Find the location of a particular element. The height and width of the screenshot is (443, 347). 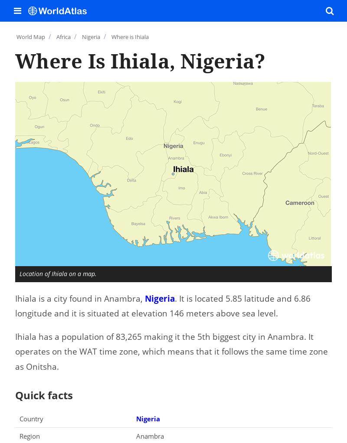

'Ihiala is a city found in Anambra,' is located at coordinates (79, 298).